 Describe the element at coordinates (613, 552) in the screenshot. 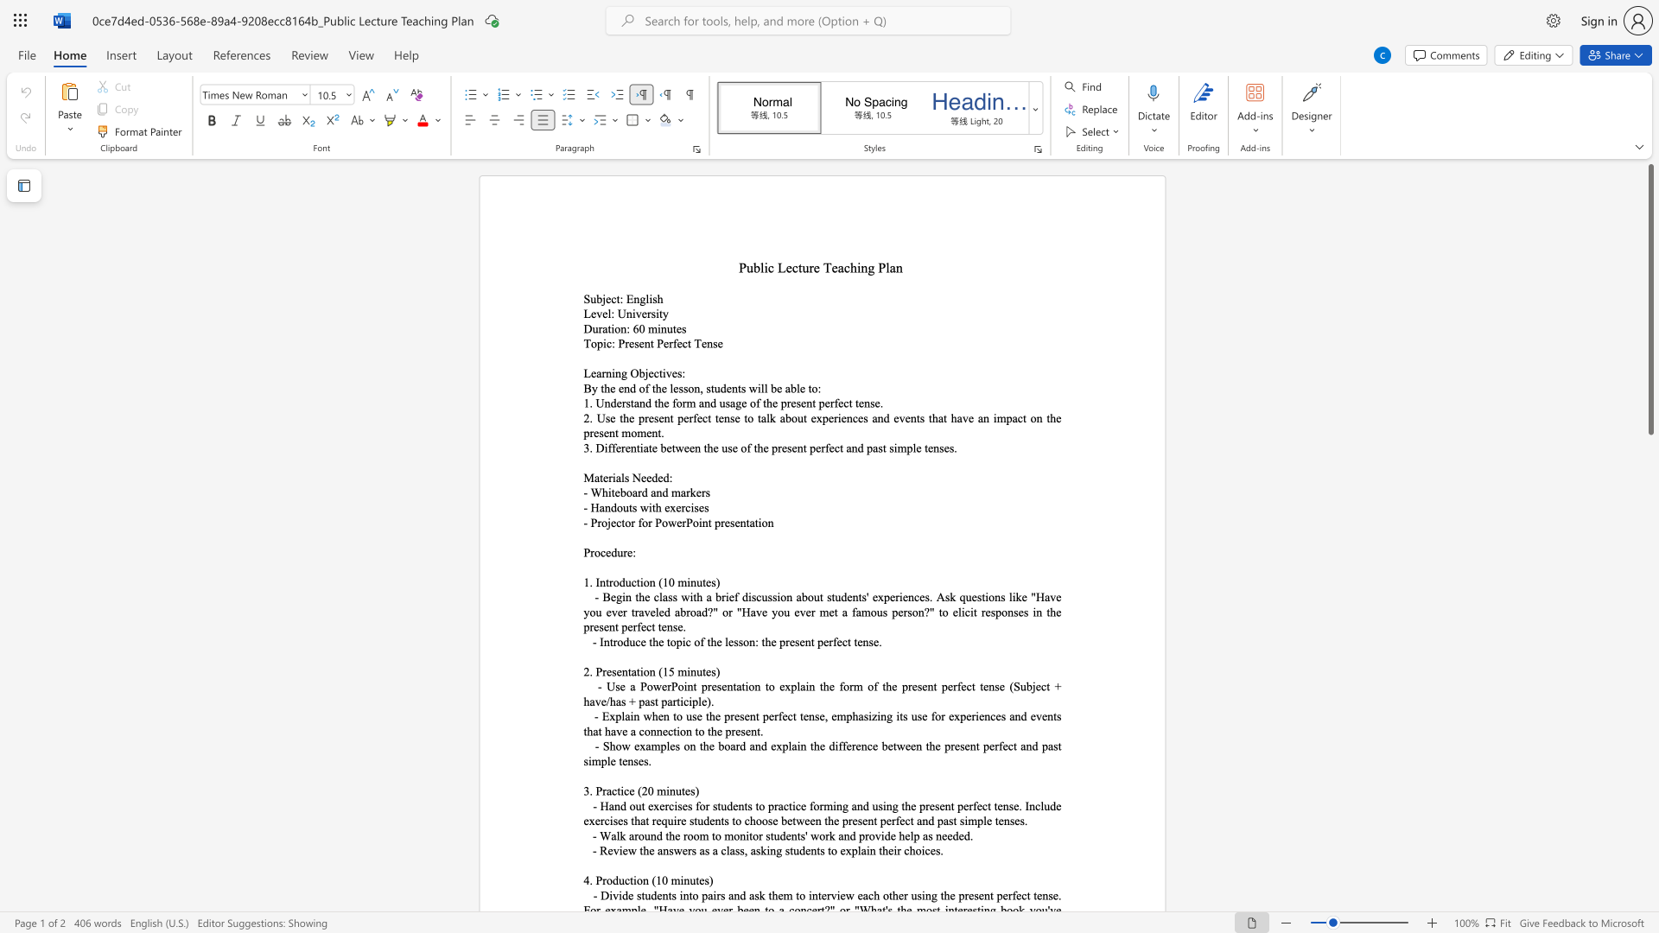

I see `the 1th character "d" in the text` at that location.